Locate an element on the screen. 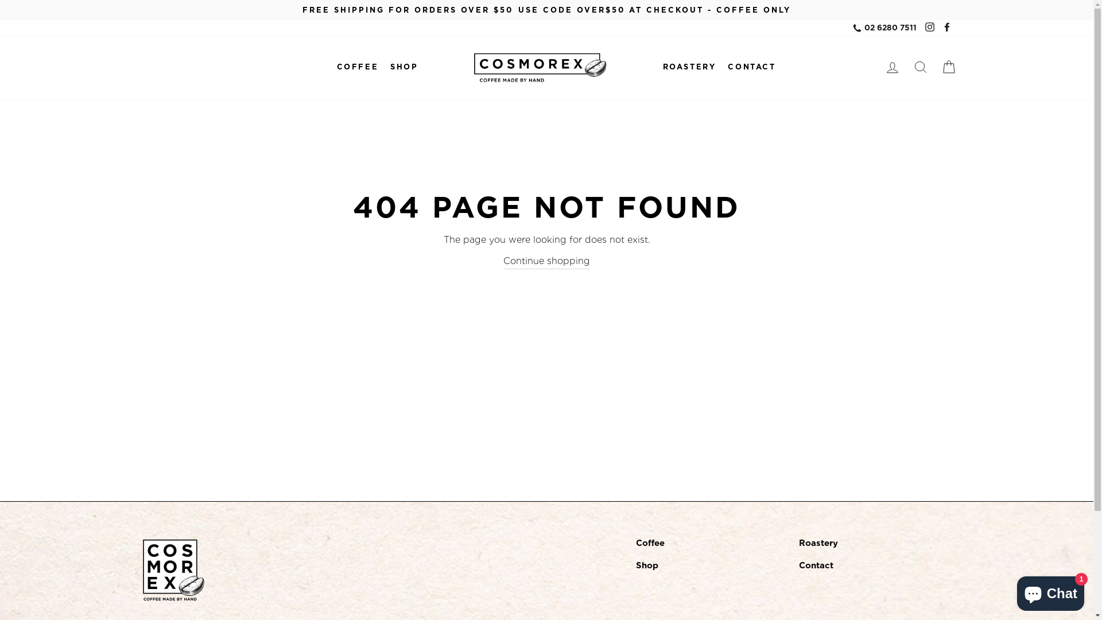 The width and height of the screenshot is (1102, 620). 'Continue shopping' is located at coordinates (546, 261).